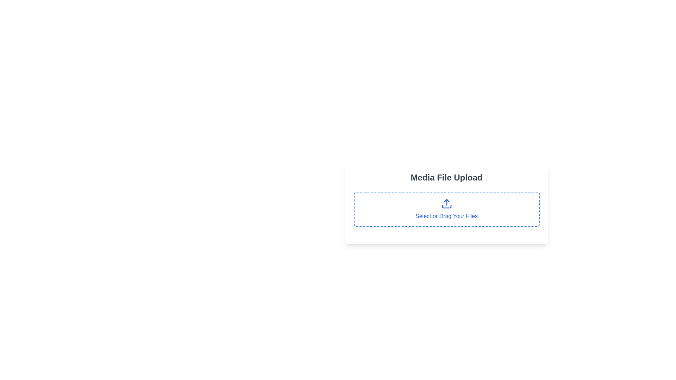 The width and height of the screenshot is (676, 380). I want to click on the header text indicating the purpose of the file upload interface, which is positioned above the dashed blue box labeled 'Select or Drag Your Files', so click(446, 177).